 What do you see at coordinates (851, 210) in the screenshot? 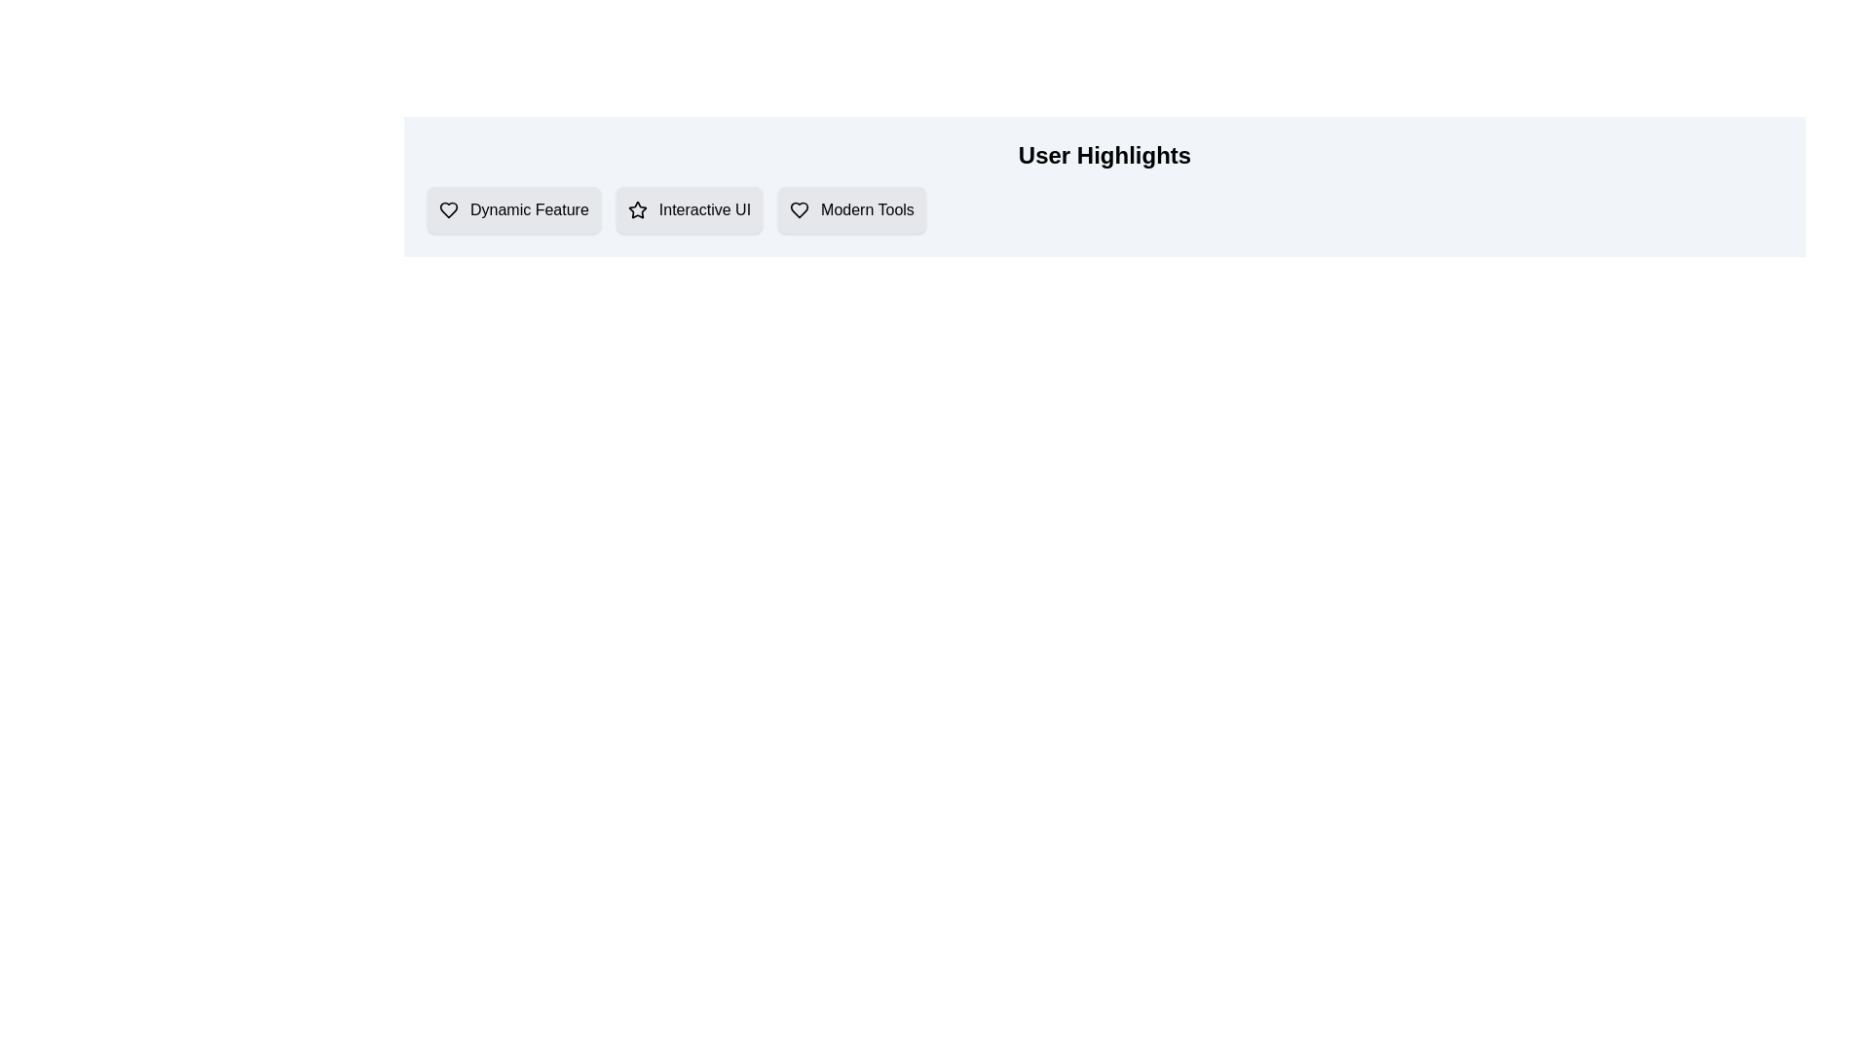
I see `the item labeled 'Modern Tools'` at bounding box center [851, 210].